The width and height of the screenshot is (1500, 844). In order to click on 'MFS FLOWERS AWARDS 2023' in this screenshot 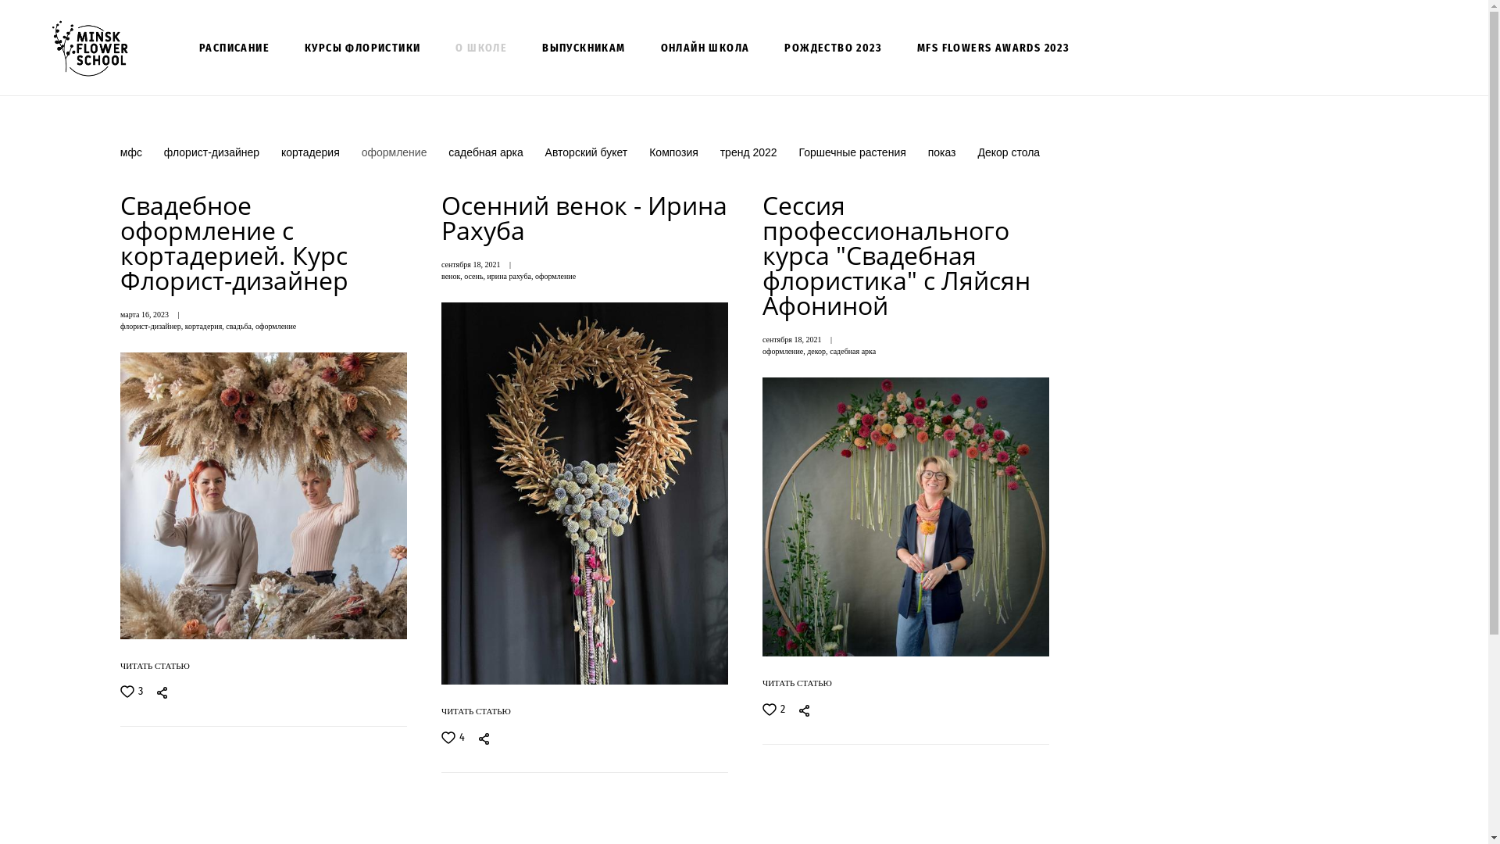, I will do `click(992, 47)`.